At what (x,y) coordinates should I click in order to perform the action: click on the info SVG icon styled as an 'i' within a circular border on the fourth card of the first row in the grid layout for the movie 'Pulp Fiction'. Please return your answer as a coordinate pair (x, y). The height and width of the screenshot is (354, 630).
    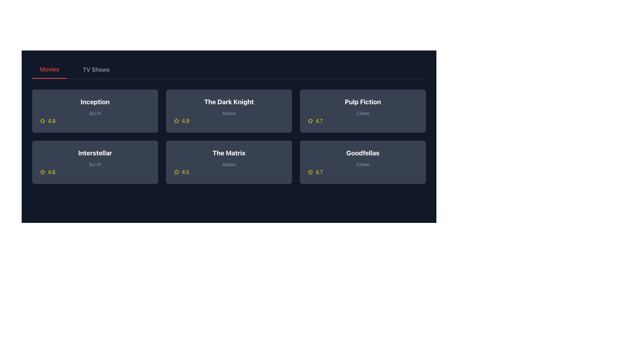
    Looking at the image, I should click on (362, 111).